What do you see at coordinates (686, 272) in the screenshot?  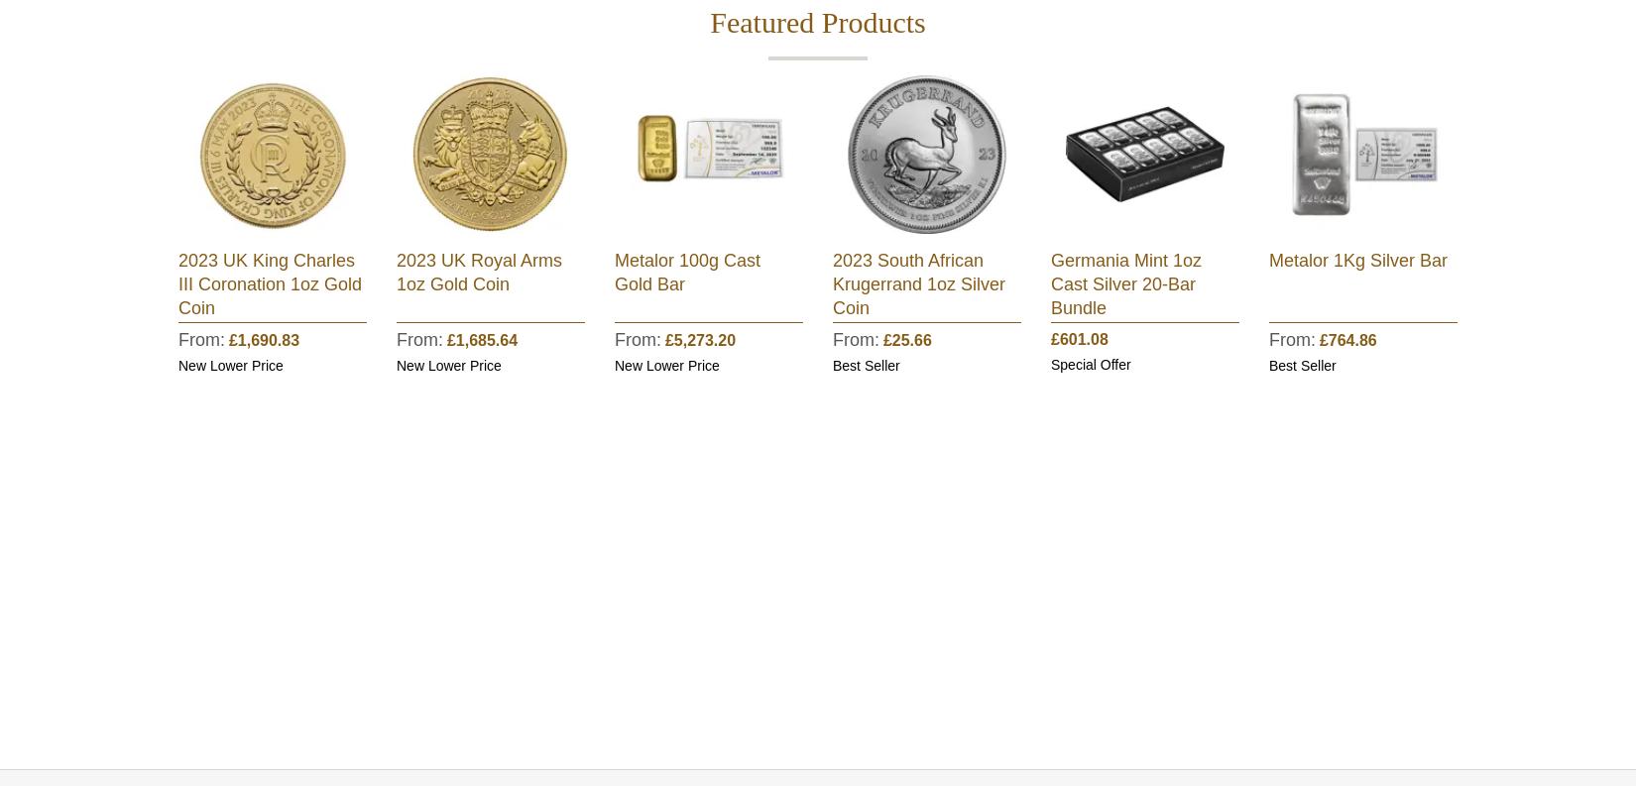 I see `'Metalor 100g Cast Gold Bar'` at bounding box center [686, 272].